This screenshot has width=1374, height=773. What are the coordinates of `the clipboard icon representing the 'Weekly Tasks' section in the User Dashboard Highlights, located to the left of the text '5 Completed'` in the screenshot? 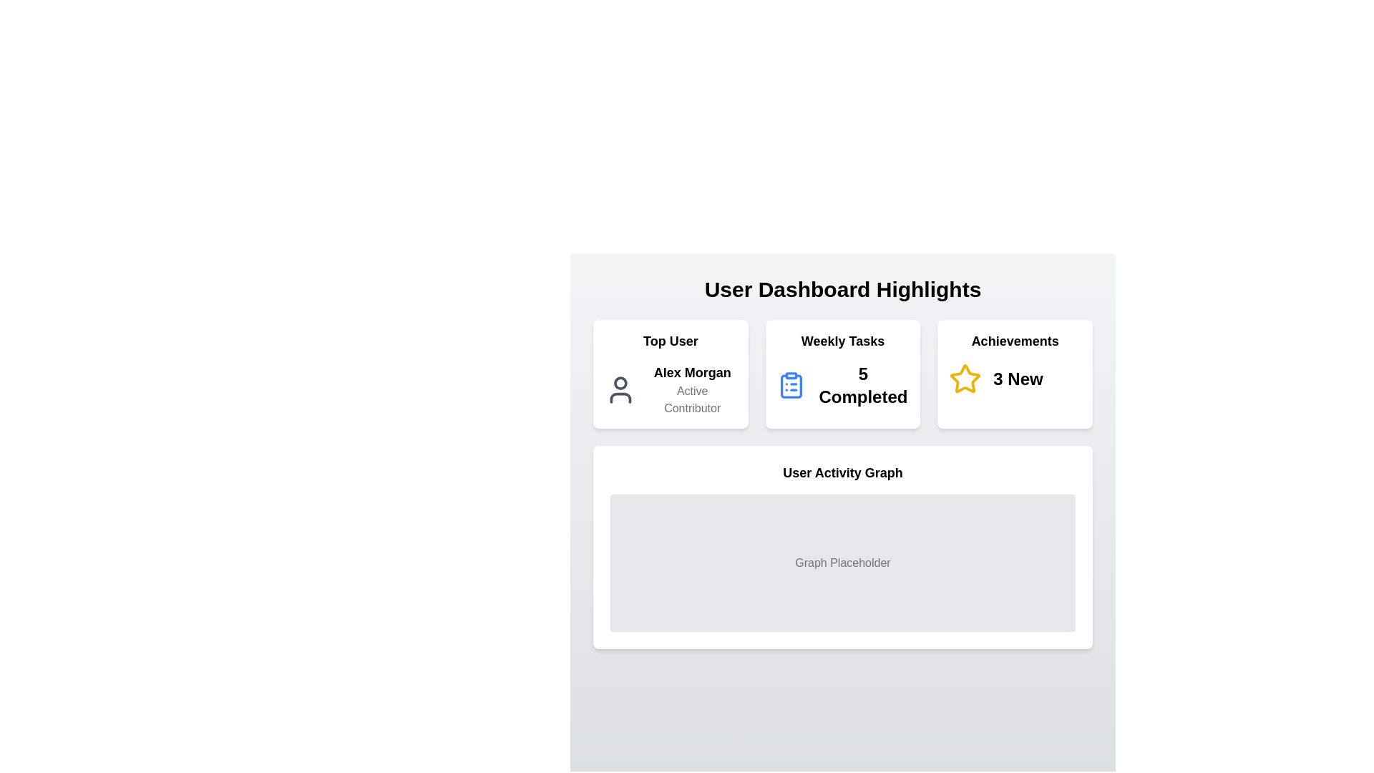 It's located at (791, 385).